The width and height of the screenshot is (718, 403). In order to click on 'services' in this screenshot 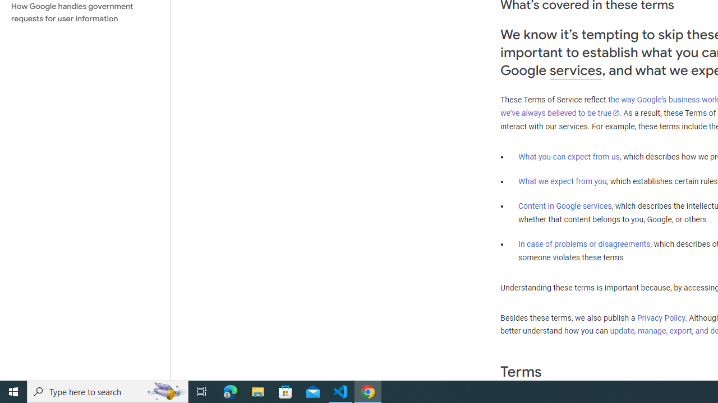, I will do `click(576, 70)`.